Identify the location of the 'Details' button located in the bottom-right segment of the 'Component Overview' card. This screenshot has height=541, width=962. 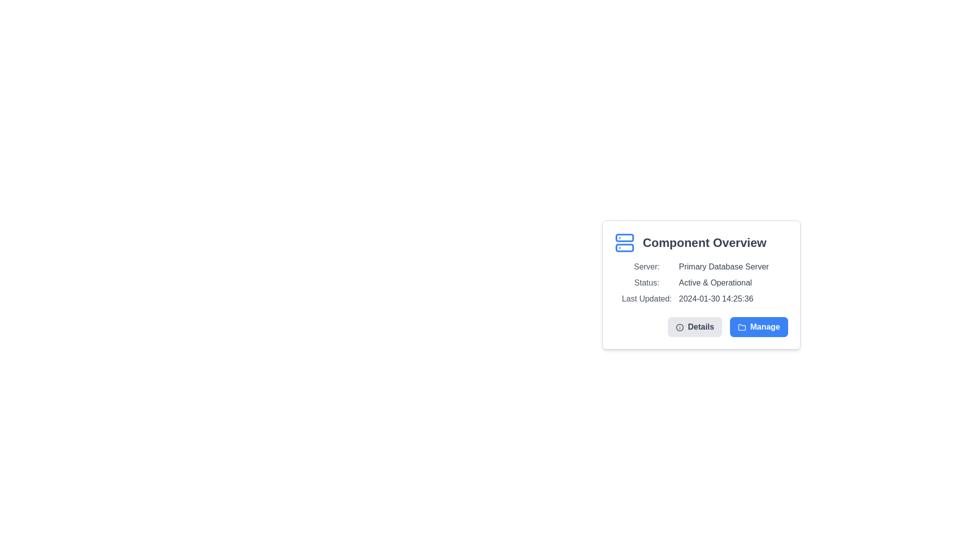
(701, 327).